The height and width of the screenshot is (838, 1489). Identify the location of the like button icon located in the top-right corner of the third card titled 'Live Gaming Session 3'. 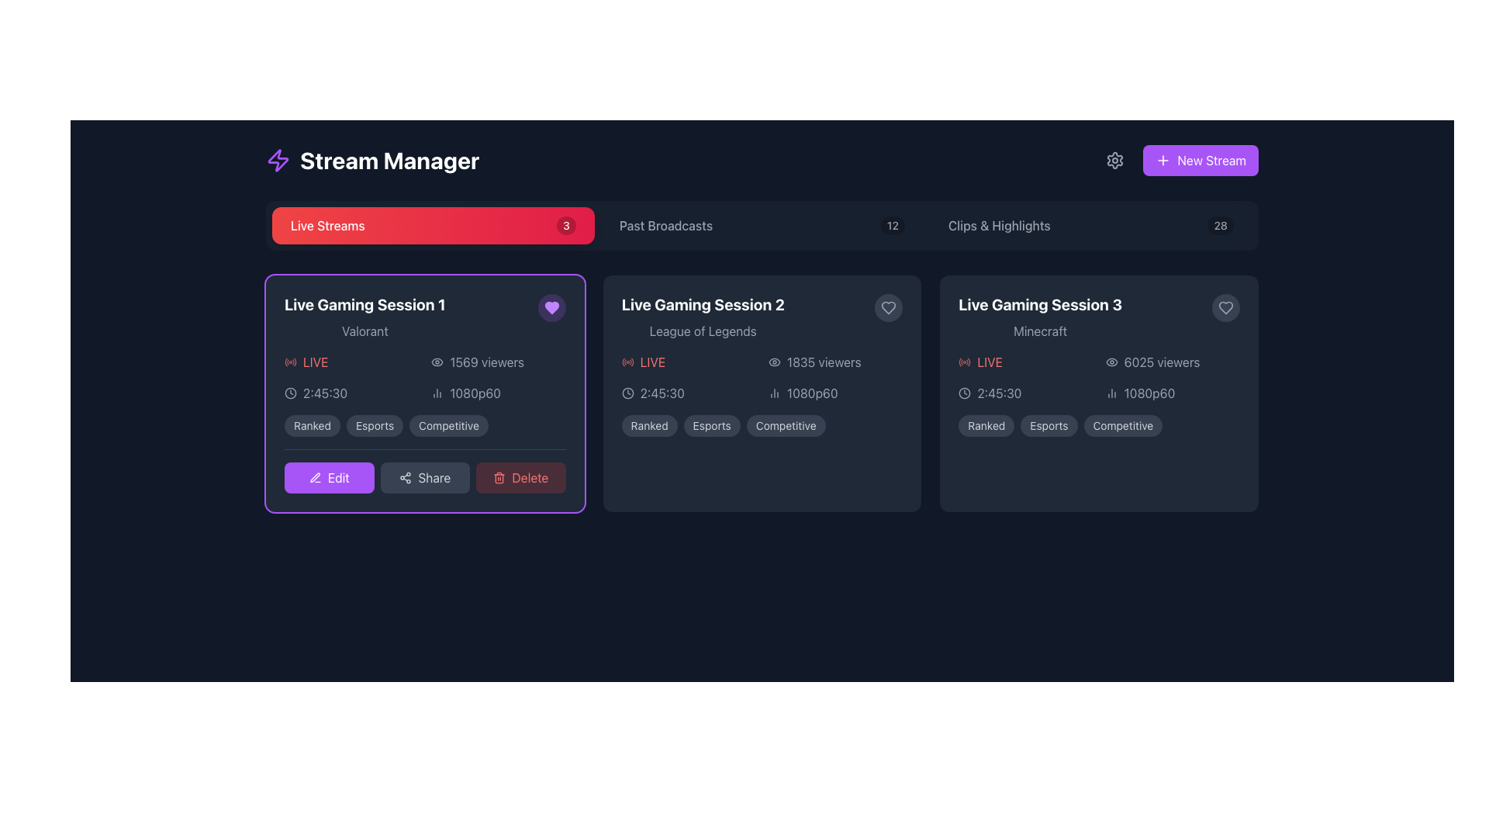
(889, 308).